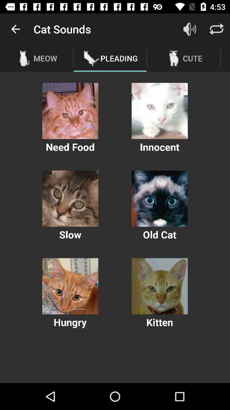 The height and width of the screenshot is (410, 230). Describe the element at coordinates (159, 110) in the screenshot. I see `hear a cat sound` at that location.